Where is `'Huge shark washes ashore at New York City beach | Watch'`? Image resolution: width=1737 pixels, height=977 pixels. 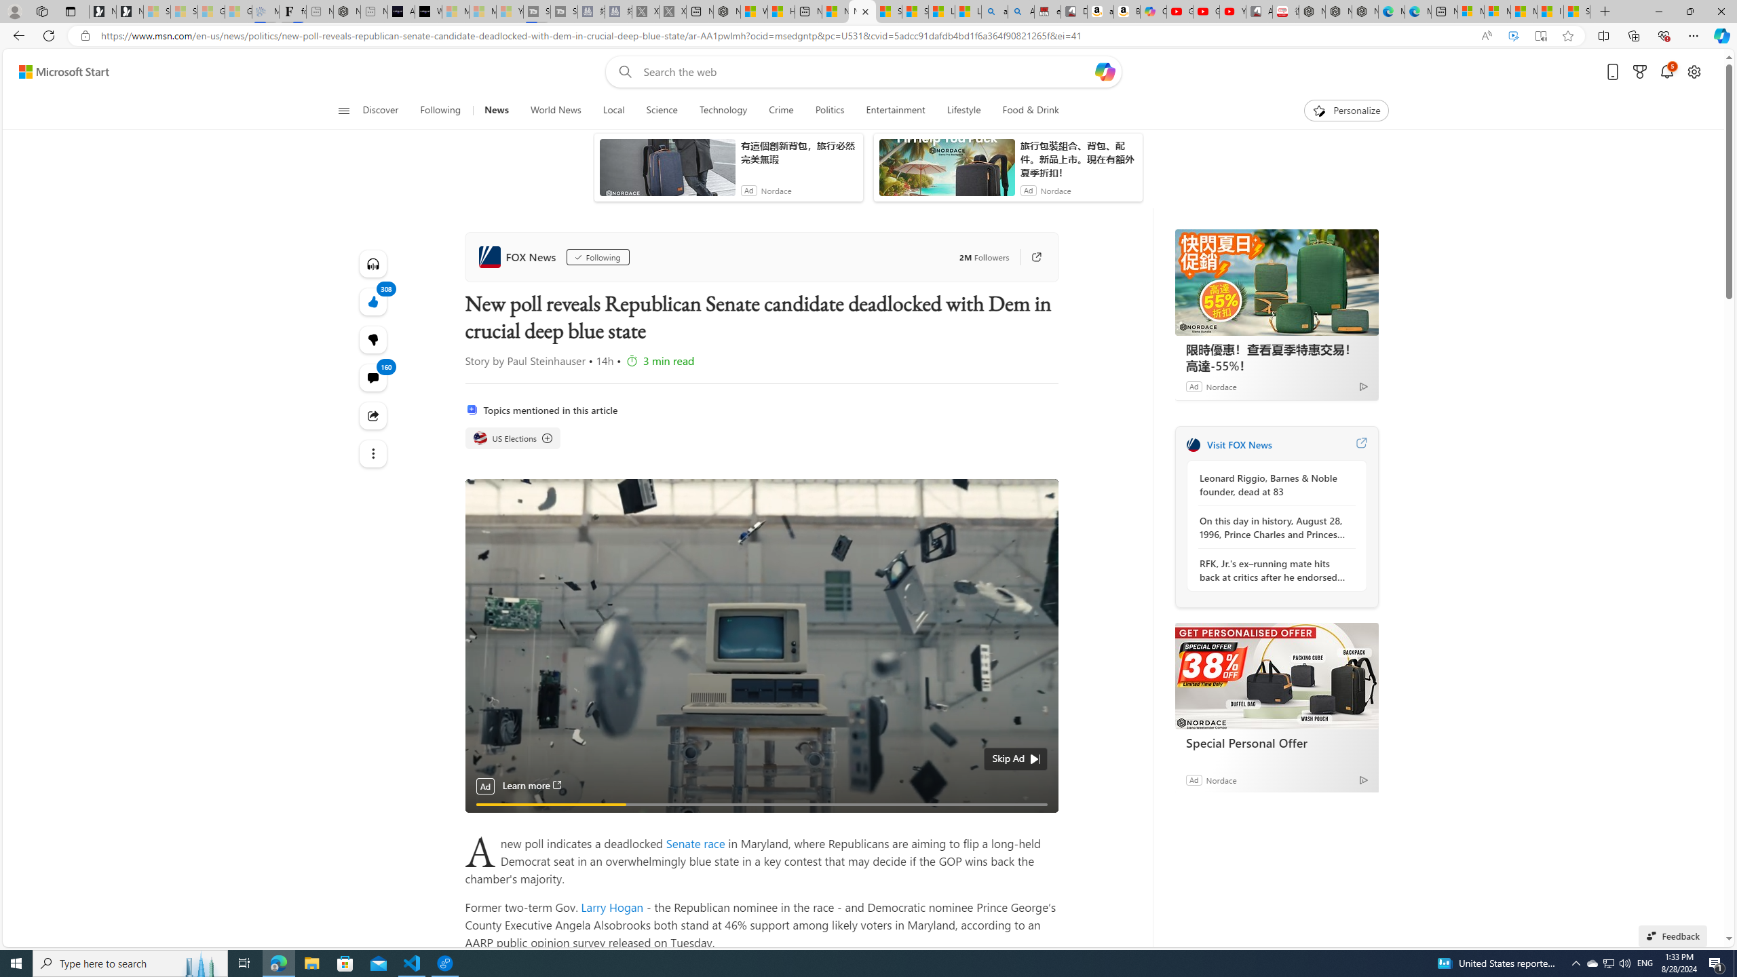
'Huge shark washes ashore at New York City beach | Watch' is located at coordinates (781, 11).